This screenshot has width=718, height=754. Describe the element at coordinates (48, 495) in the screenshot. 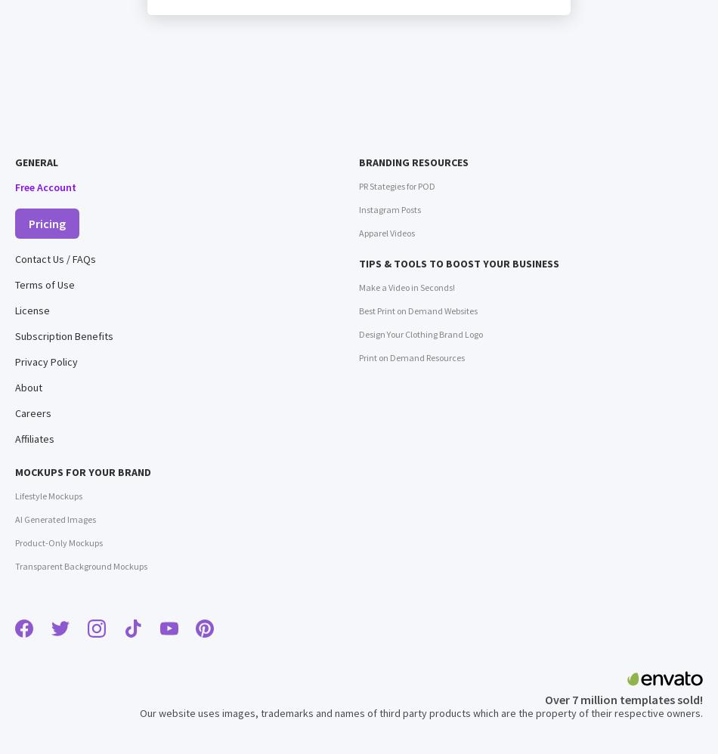

I see `'Lifestyle Mockups'` at that location.